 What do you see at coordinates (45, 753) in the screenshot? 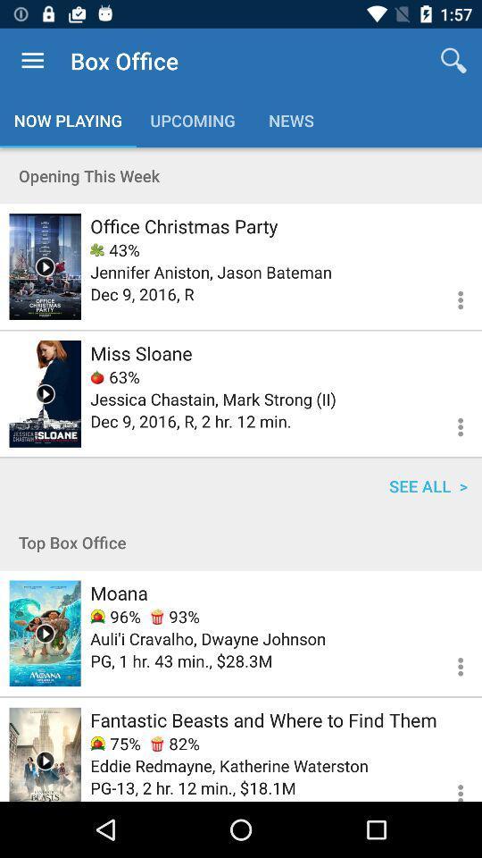
I see `movie` at bounding box center [45, 753].